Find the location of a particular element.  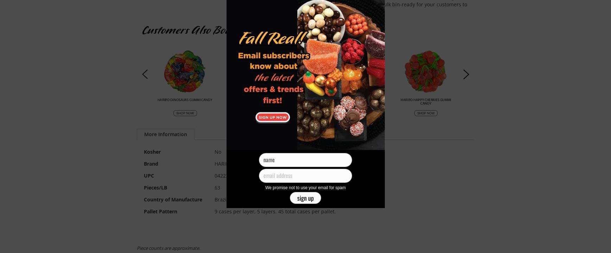

'042238380653' is located at coordinates (230, 175).